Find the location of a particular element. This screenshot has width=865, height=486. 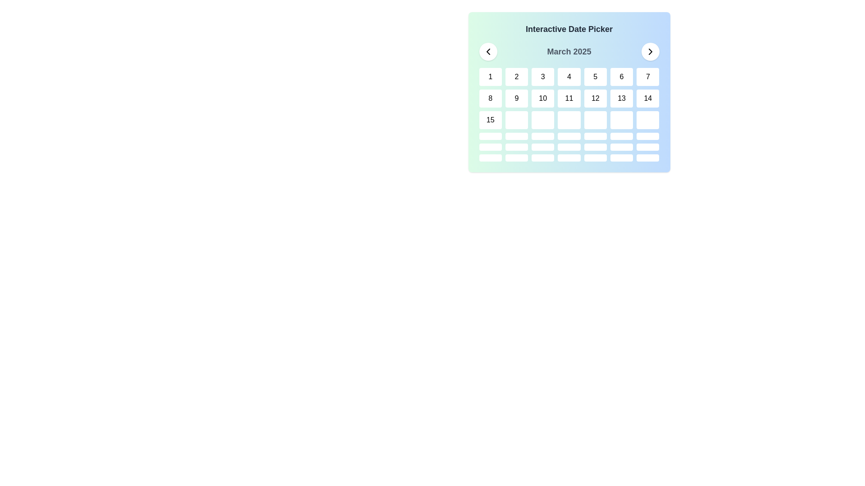

the Chevron Right icon within the circular button located in the top-right corner of the date picker interface is located at coordinates (650, 52).